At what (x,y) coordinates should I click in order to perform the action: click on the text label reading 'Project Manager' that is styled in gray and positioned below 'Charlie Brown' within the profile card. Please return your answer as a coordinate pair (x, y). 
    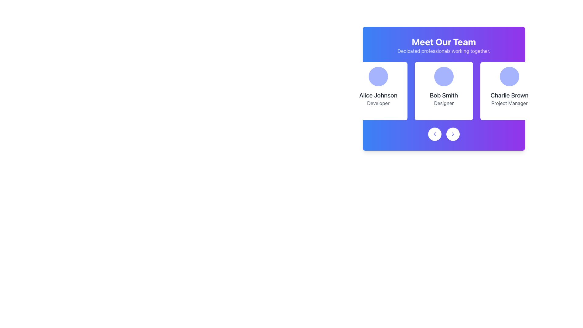
    Looking at the image, I should click on (510, 103).